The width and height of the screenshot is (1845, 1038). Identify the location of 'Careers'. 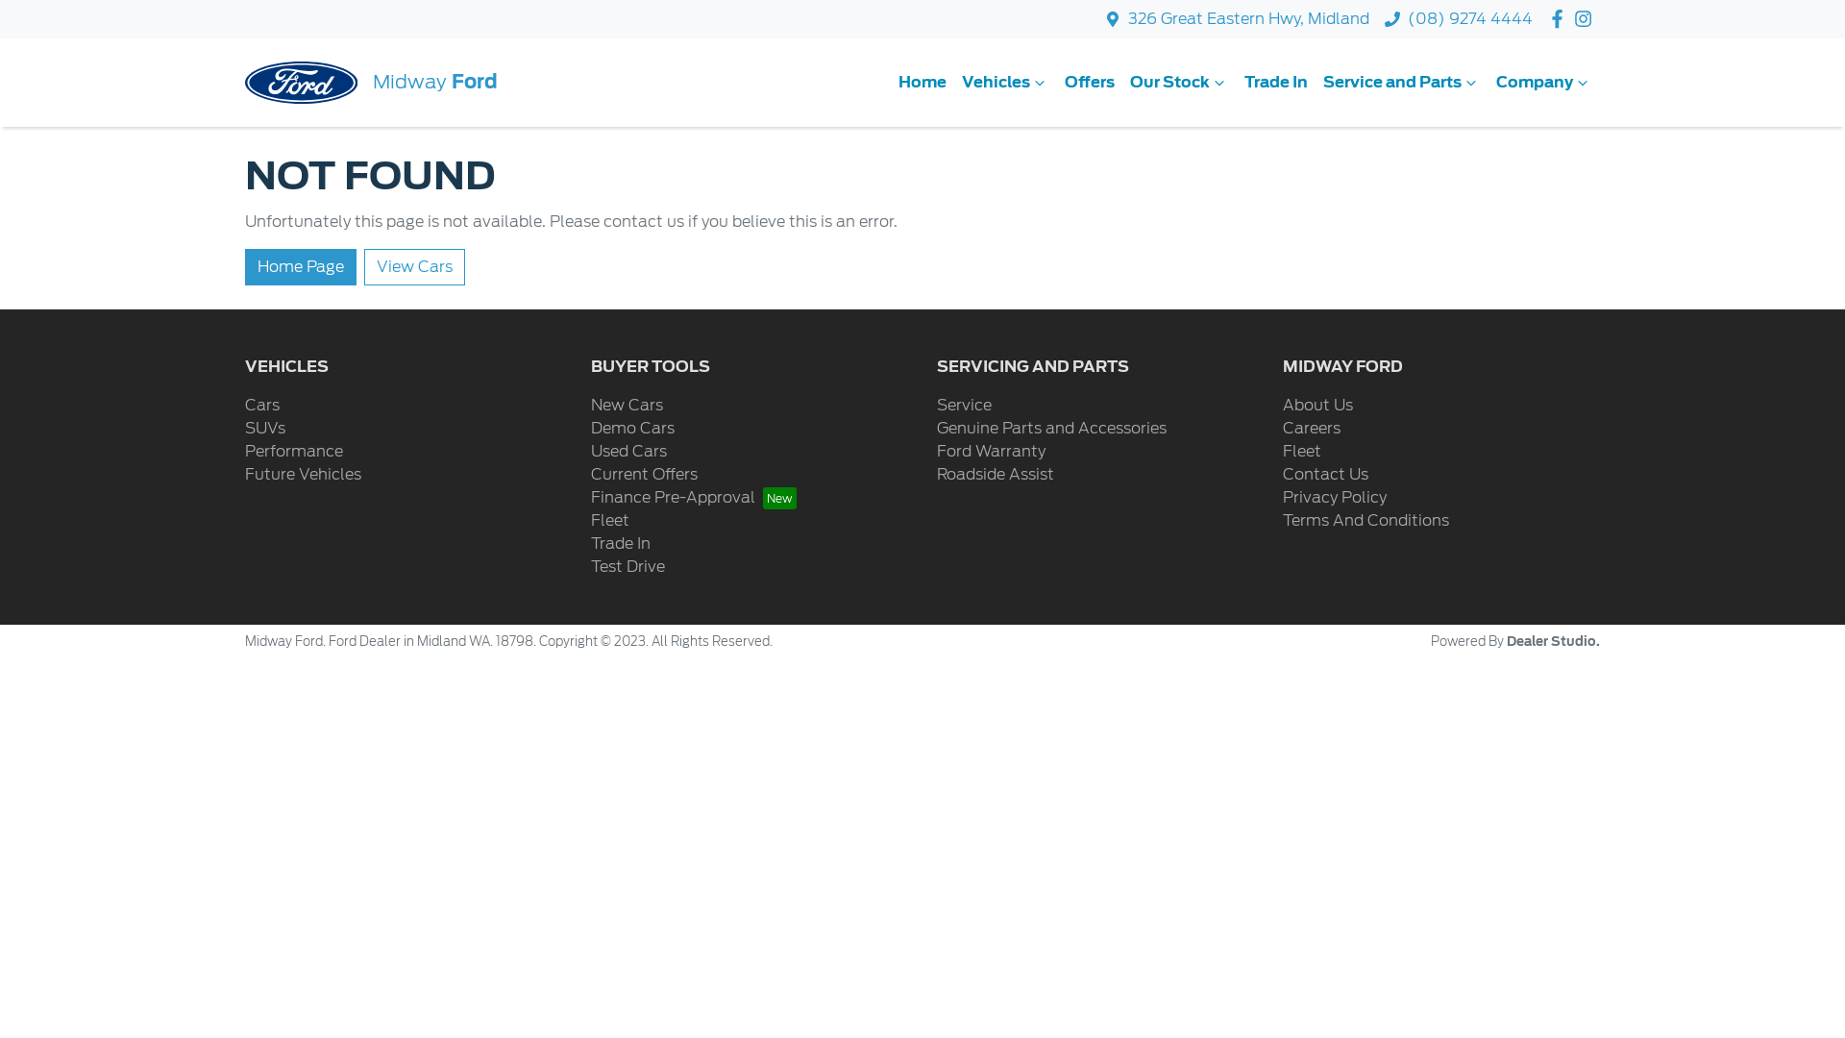
(1310, 427).